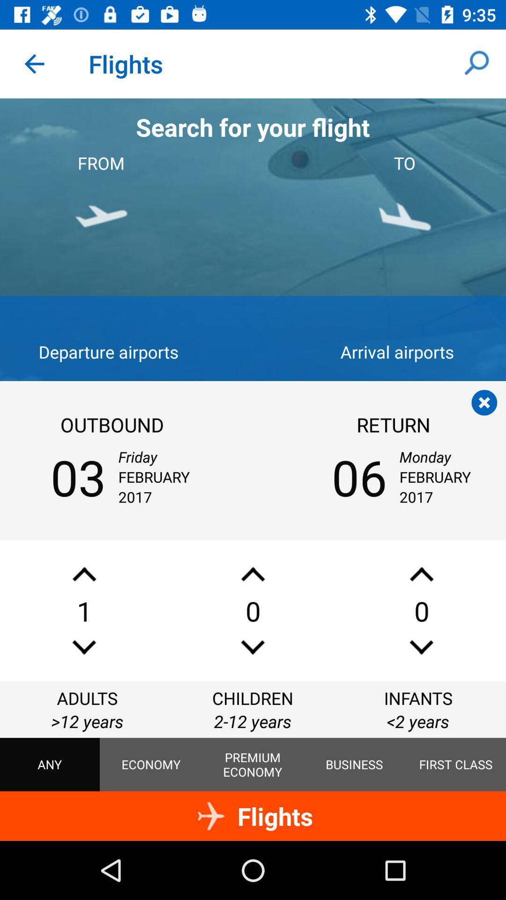 The width and height of the screenshot is (506, 900). Describe the element at coordinates (354, 765) in the screenshot. I see `icon next to premium economy` at that location.